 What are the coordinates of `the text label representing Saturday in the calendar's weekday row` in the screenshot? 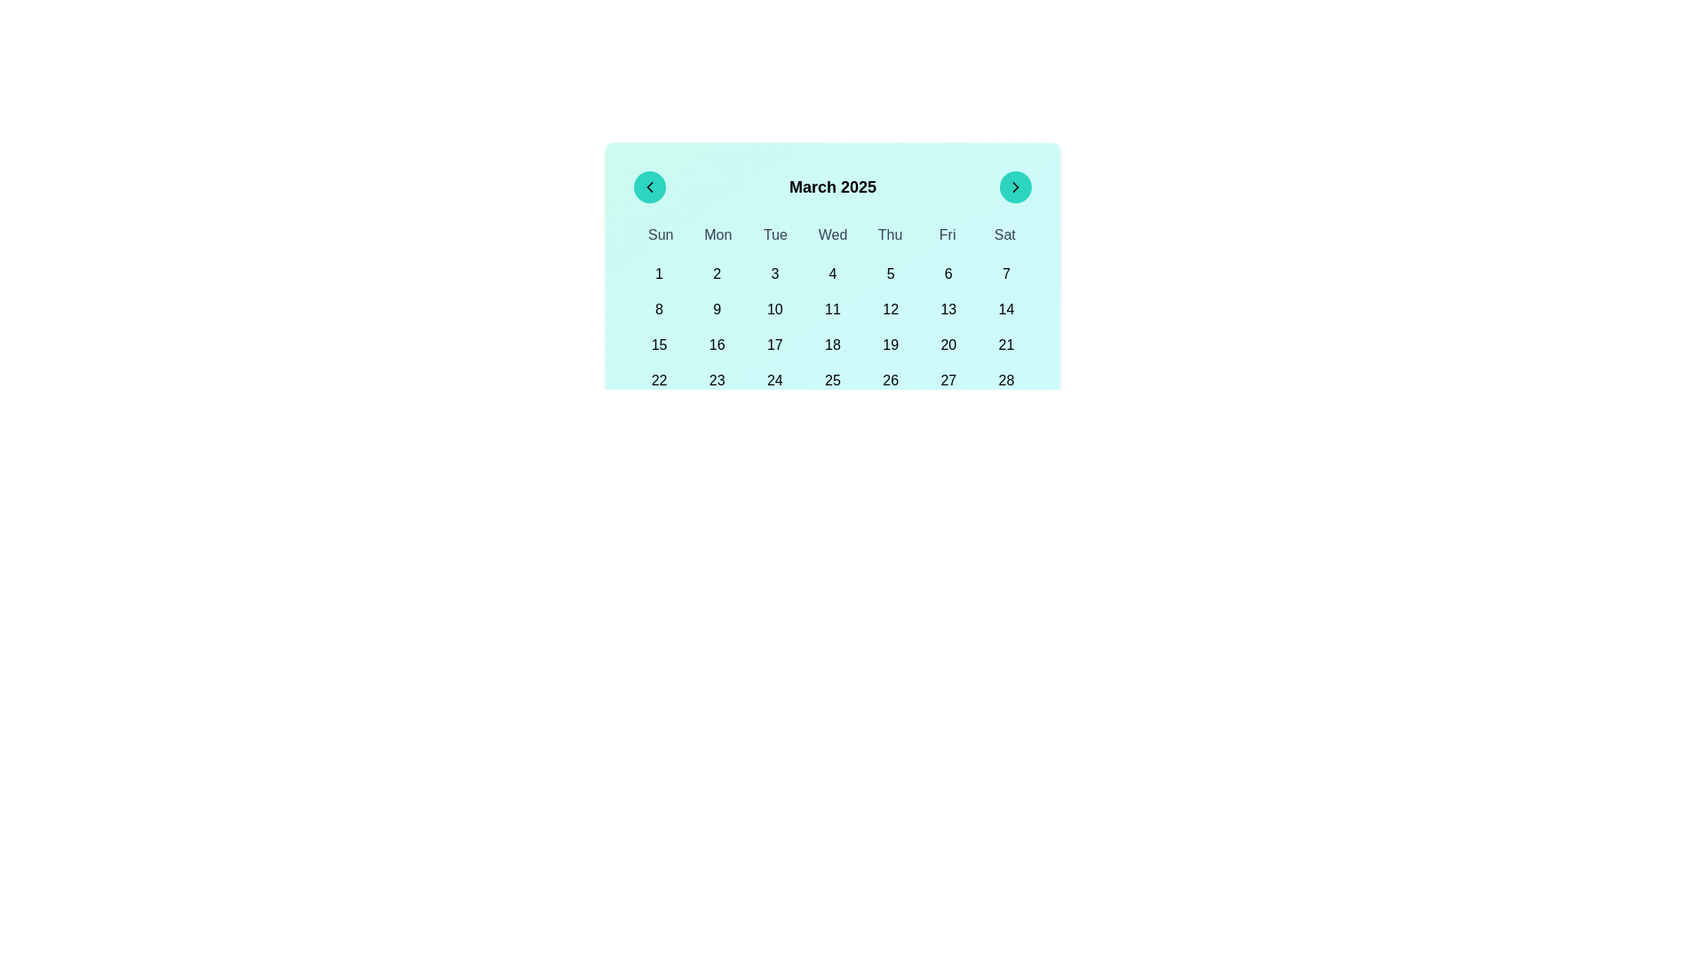 It's located at (1004, 234).